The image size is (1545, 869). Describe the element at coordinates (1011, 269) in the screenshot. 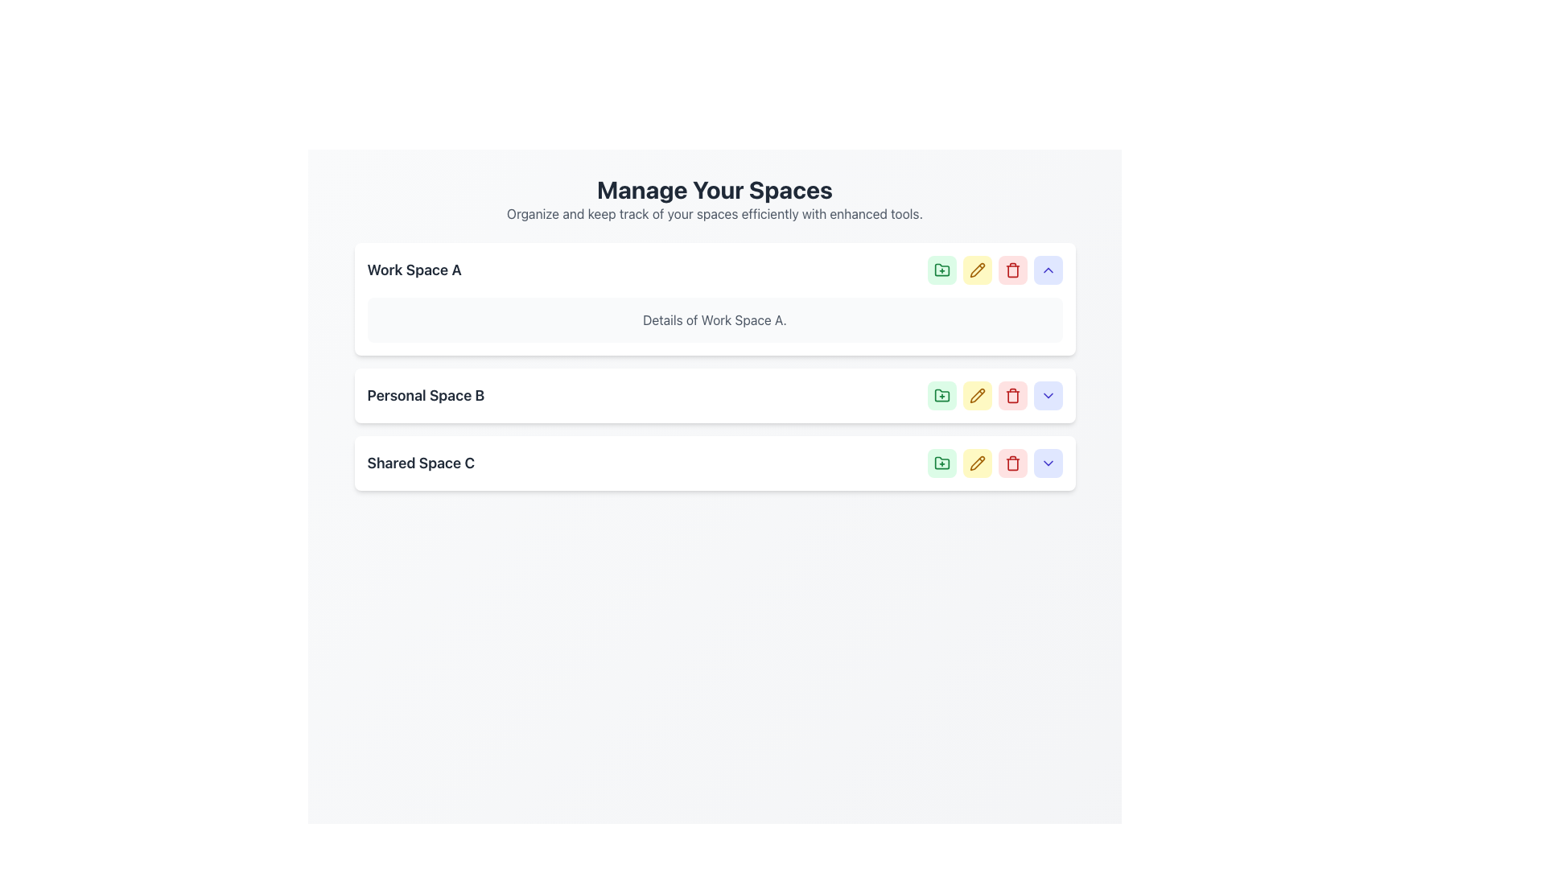

I see `the red trash bin icon located next to the edit button in the action buttons suite` at that location.